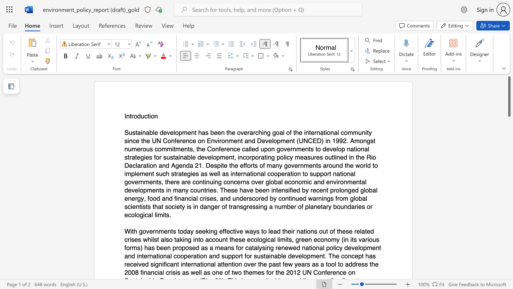 Image resolution: width=513 pixels, height=289 pixels. Describe the element at coordinates (509, 157) in the screenshot. I see `the scrollbar to scroll the page down` at that location.